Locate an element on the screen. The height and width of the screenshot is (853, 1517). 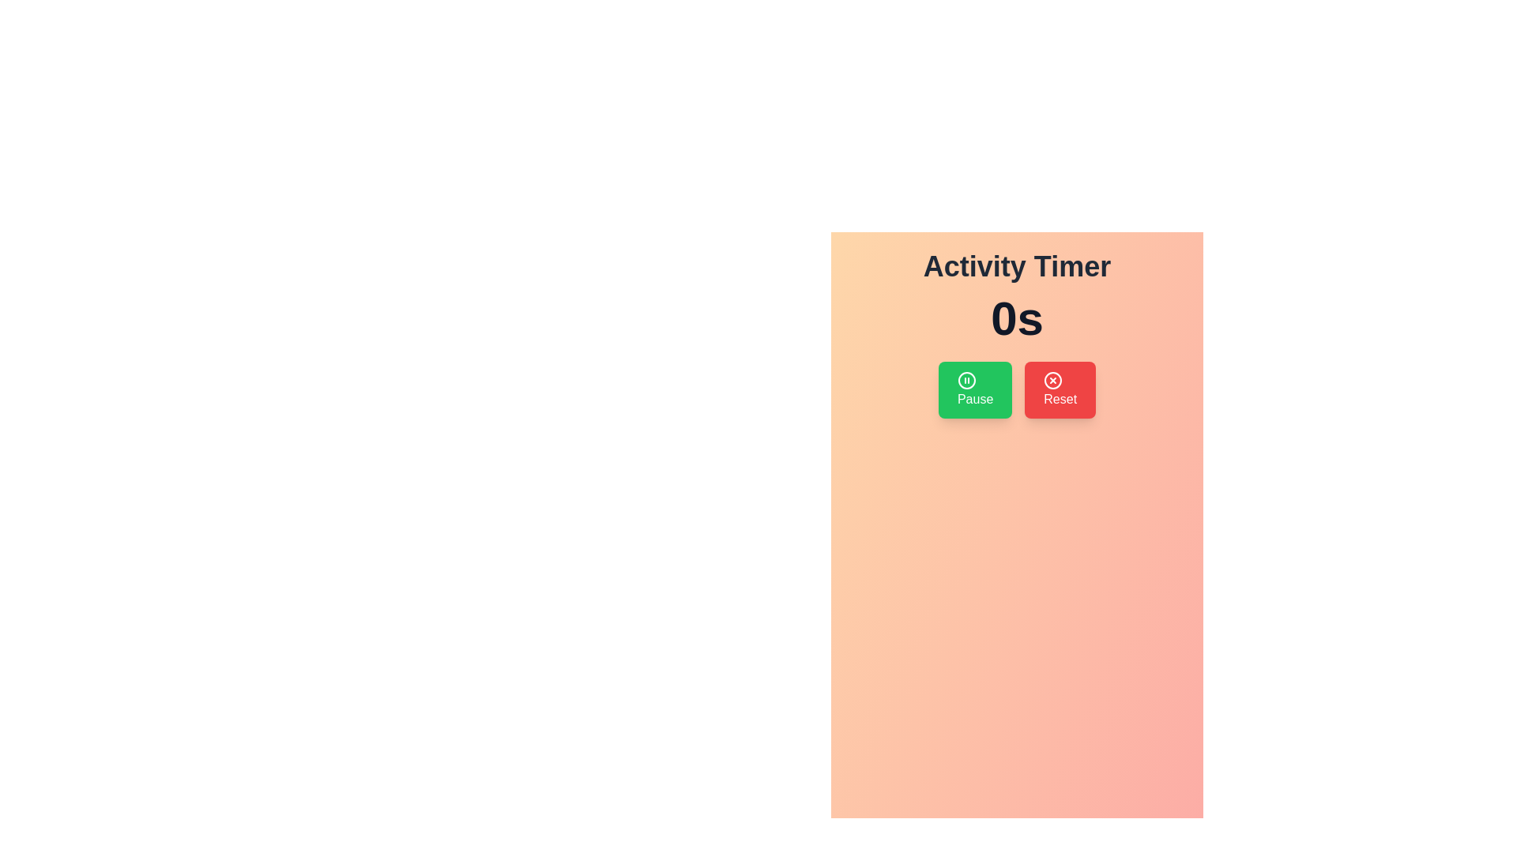
the large bold text displaying '0s' in black, which is located directly below the text 'Activity Timer' and above the buttons labeled 'Pause' and 'Reset' is located at coordinates (1017, 319).